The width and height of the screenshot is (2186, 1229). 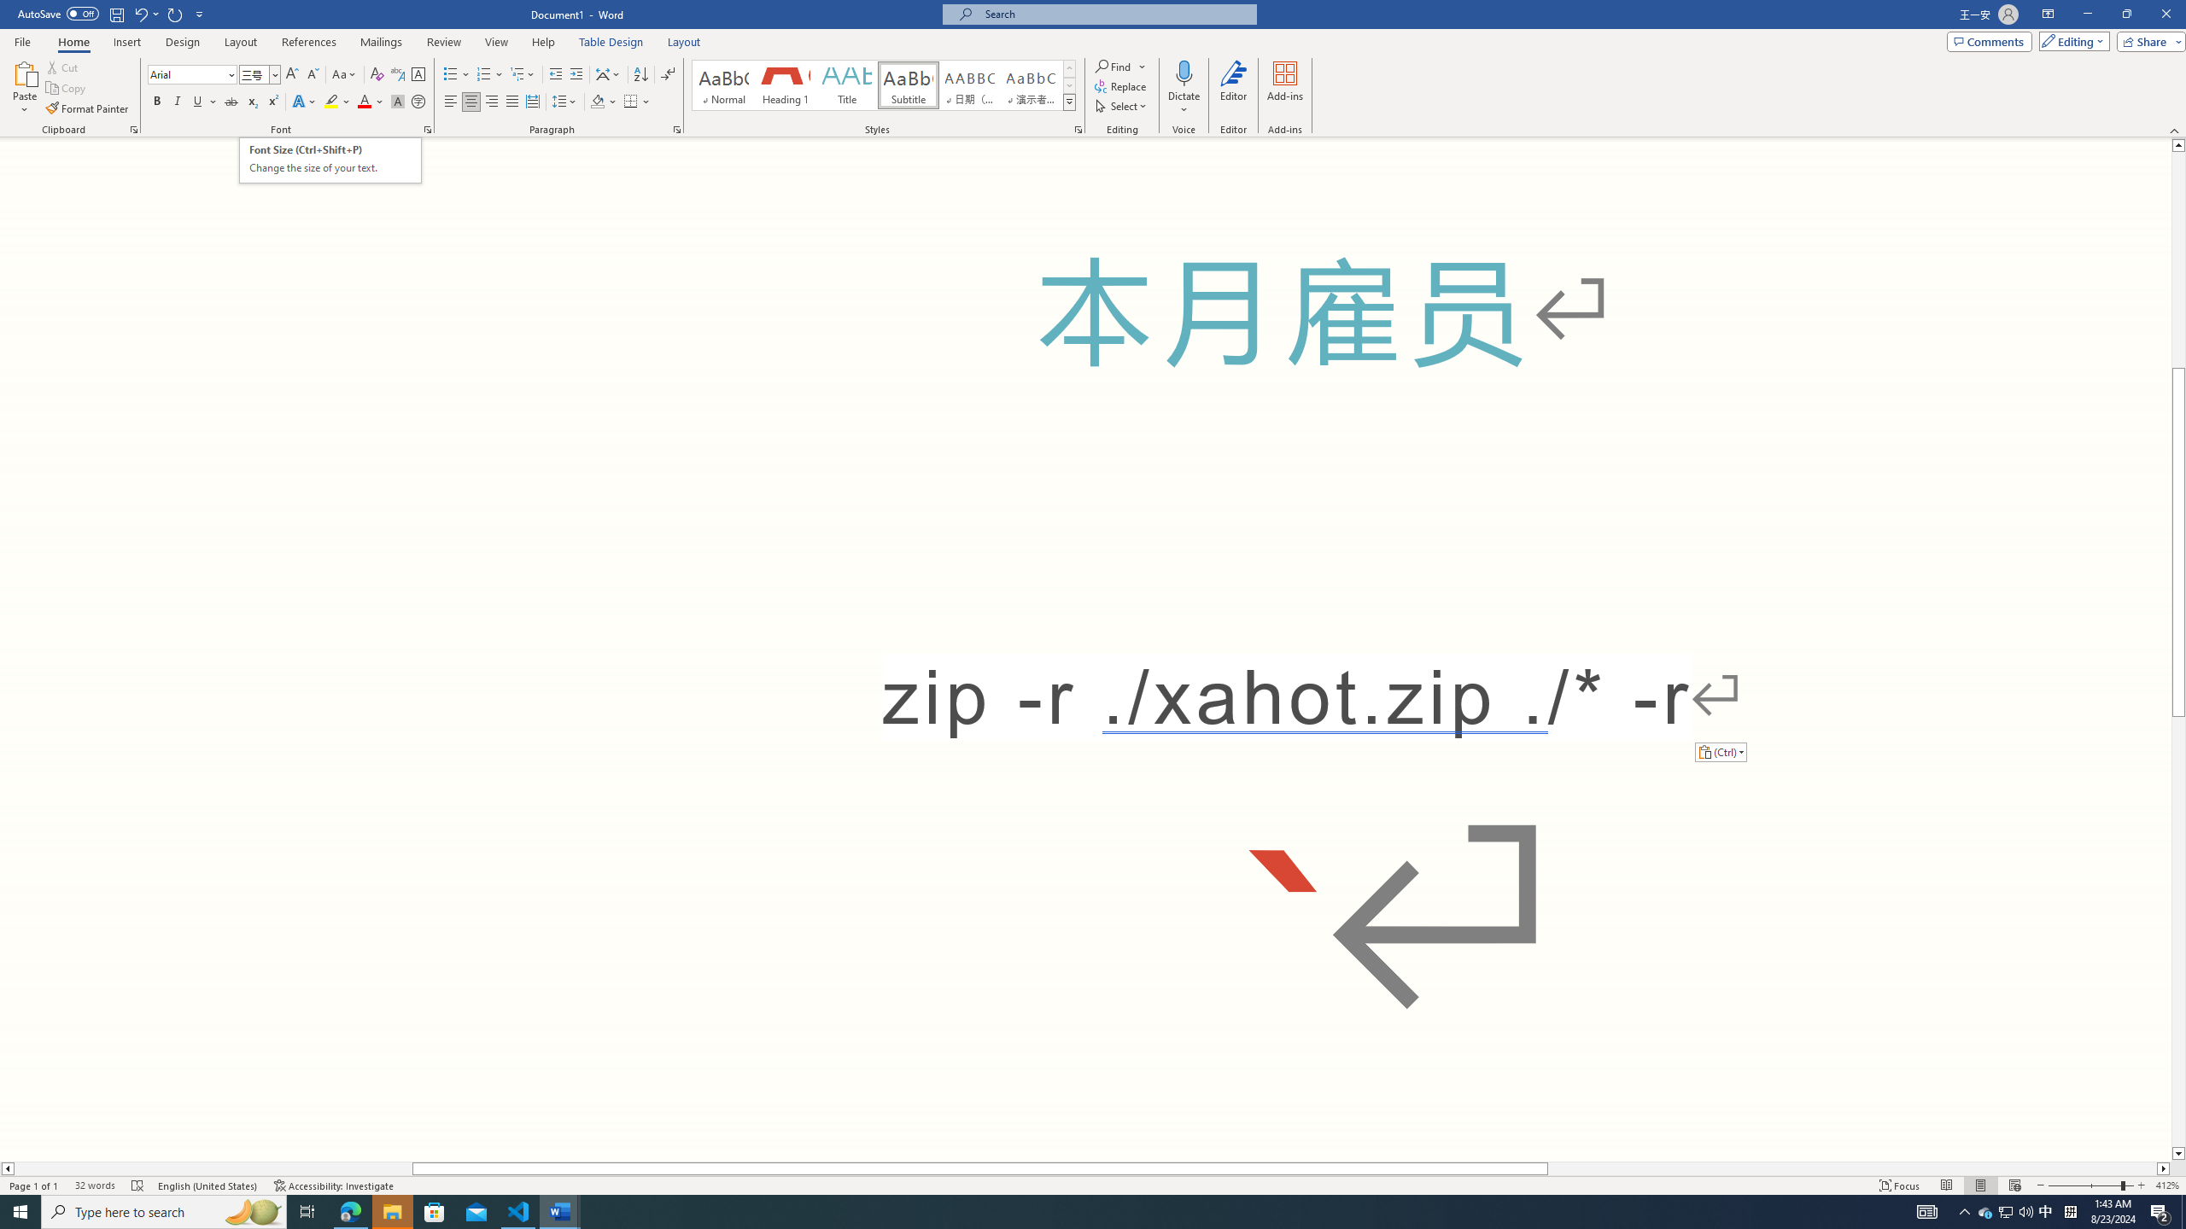 What do you see at coordinates (7, 1168) in the screenshot?
I see `'Column left'` at bounding box center [7, 1168].